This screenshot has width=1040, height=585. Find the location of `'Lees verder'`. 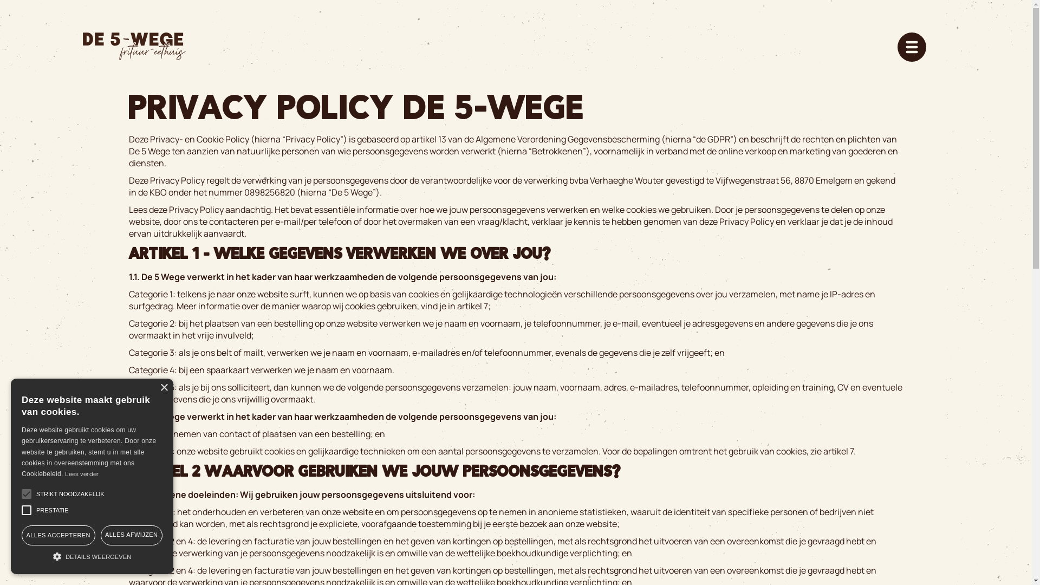

'Lees verder' is located at coordinates (81, 473).